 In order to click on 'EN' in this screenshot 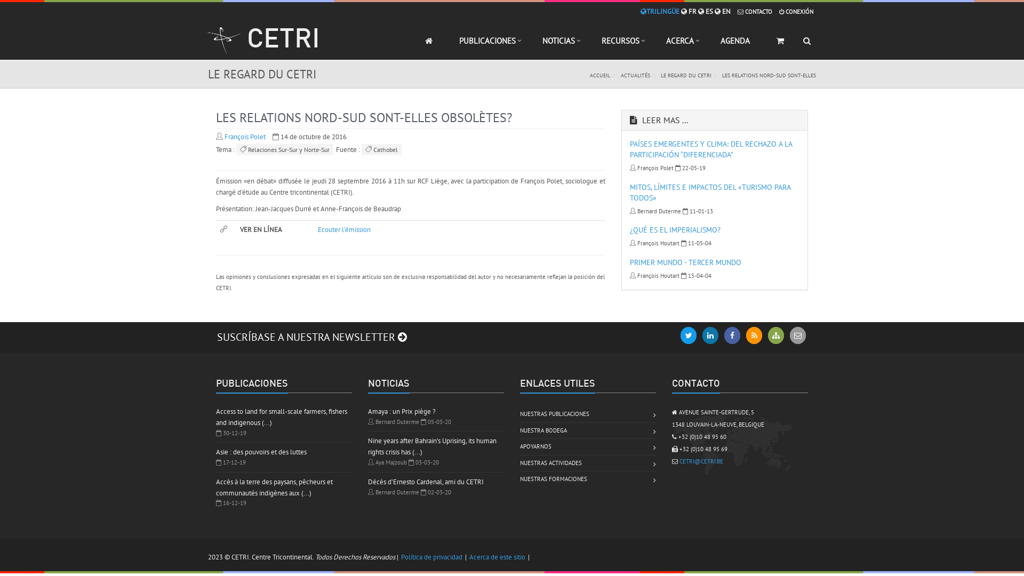, I will do `click(722, 11)`.